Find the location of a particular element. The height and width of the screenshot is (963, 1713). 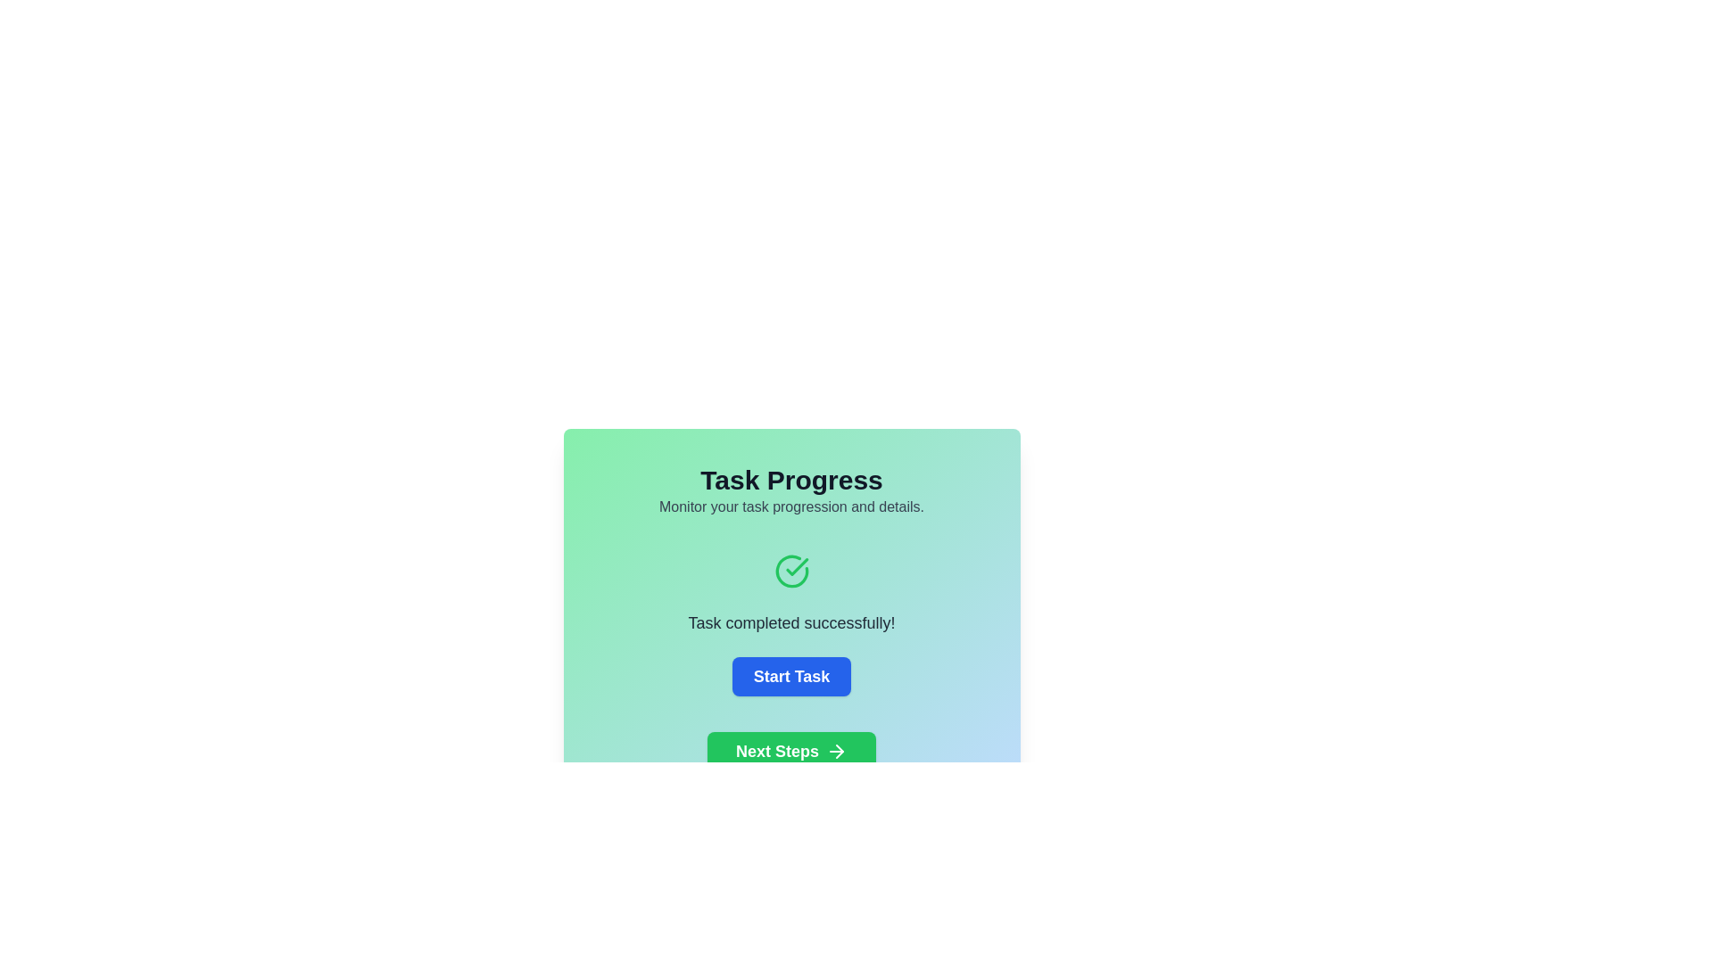

the text label displaying 'Task completed successfully!' which is centrally aligned and located below the checkmark icon and above the 'Start Task' button is located at coordinates (790, 621).